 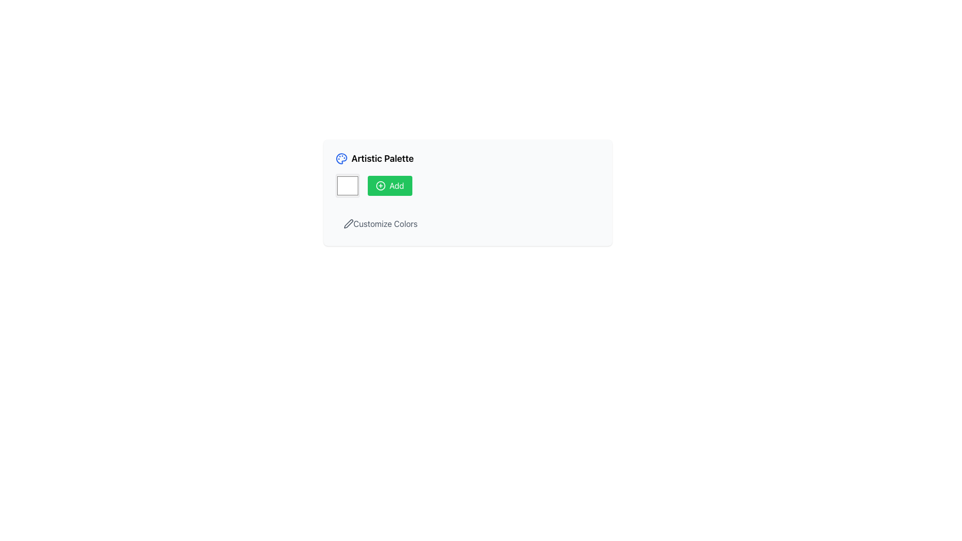 I want to click on the 'Customize Colors' button which is styled in gray and accompanied by a pen icon, so click(x=380, y=223).